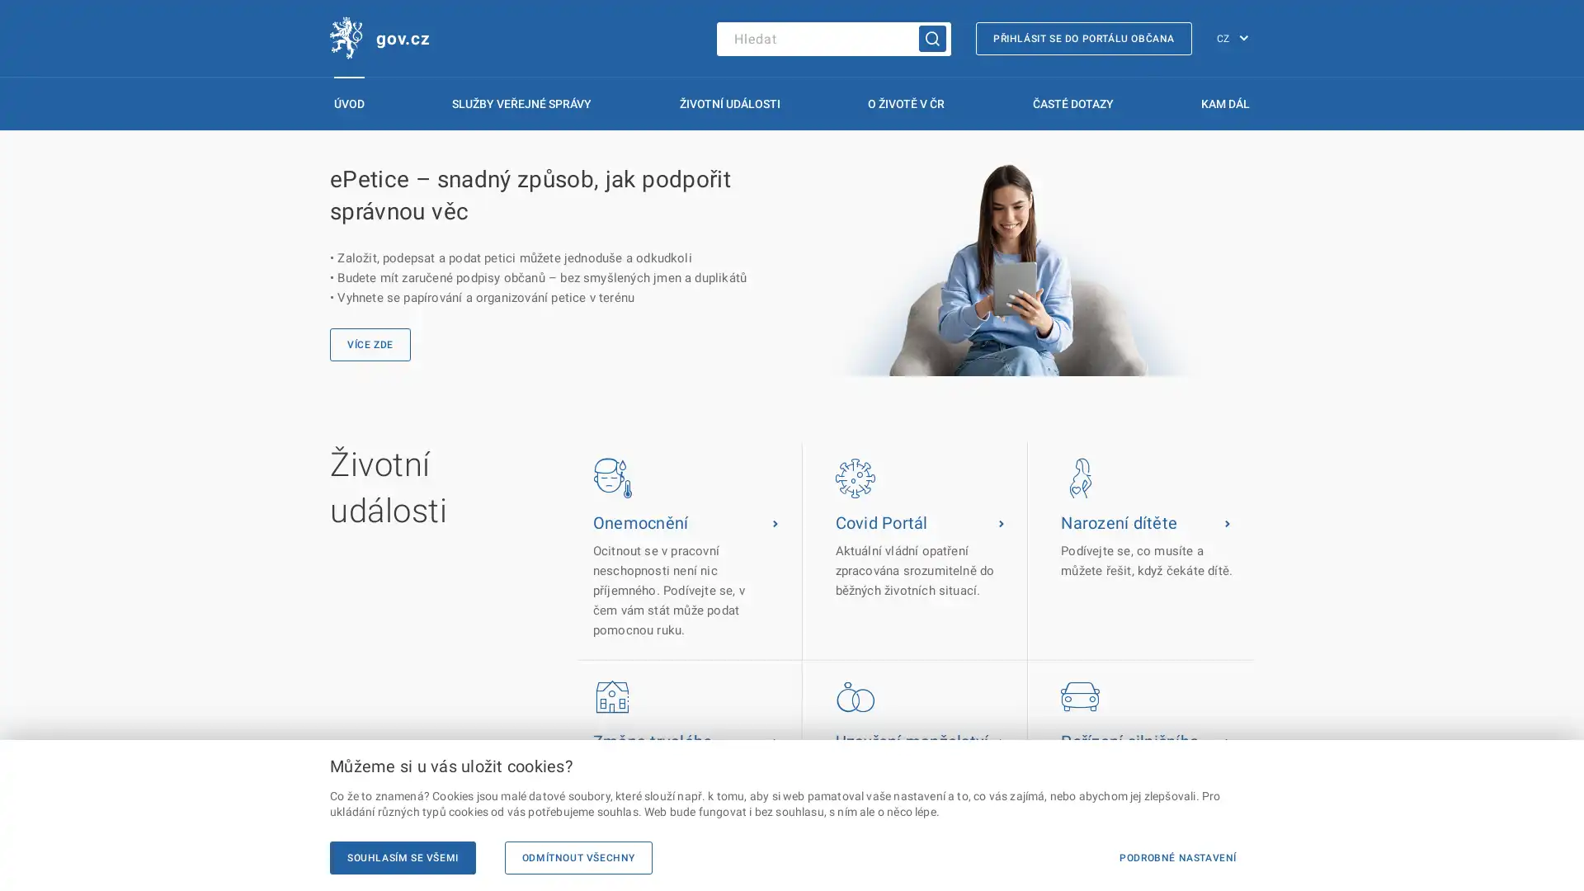  Describe the element at coordinates (1176, 857) in the screenshot. I see `PODROBNE NASTAVENI` at that location.